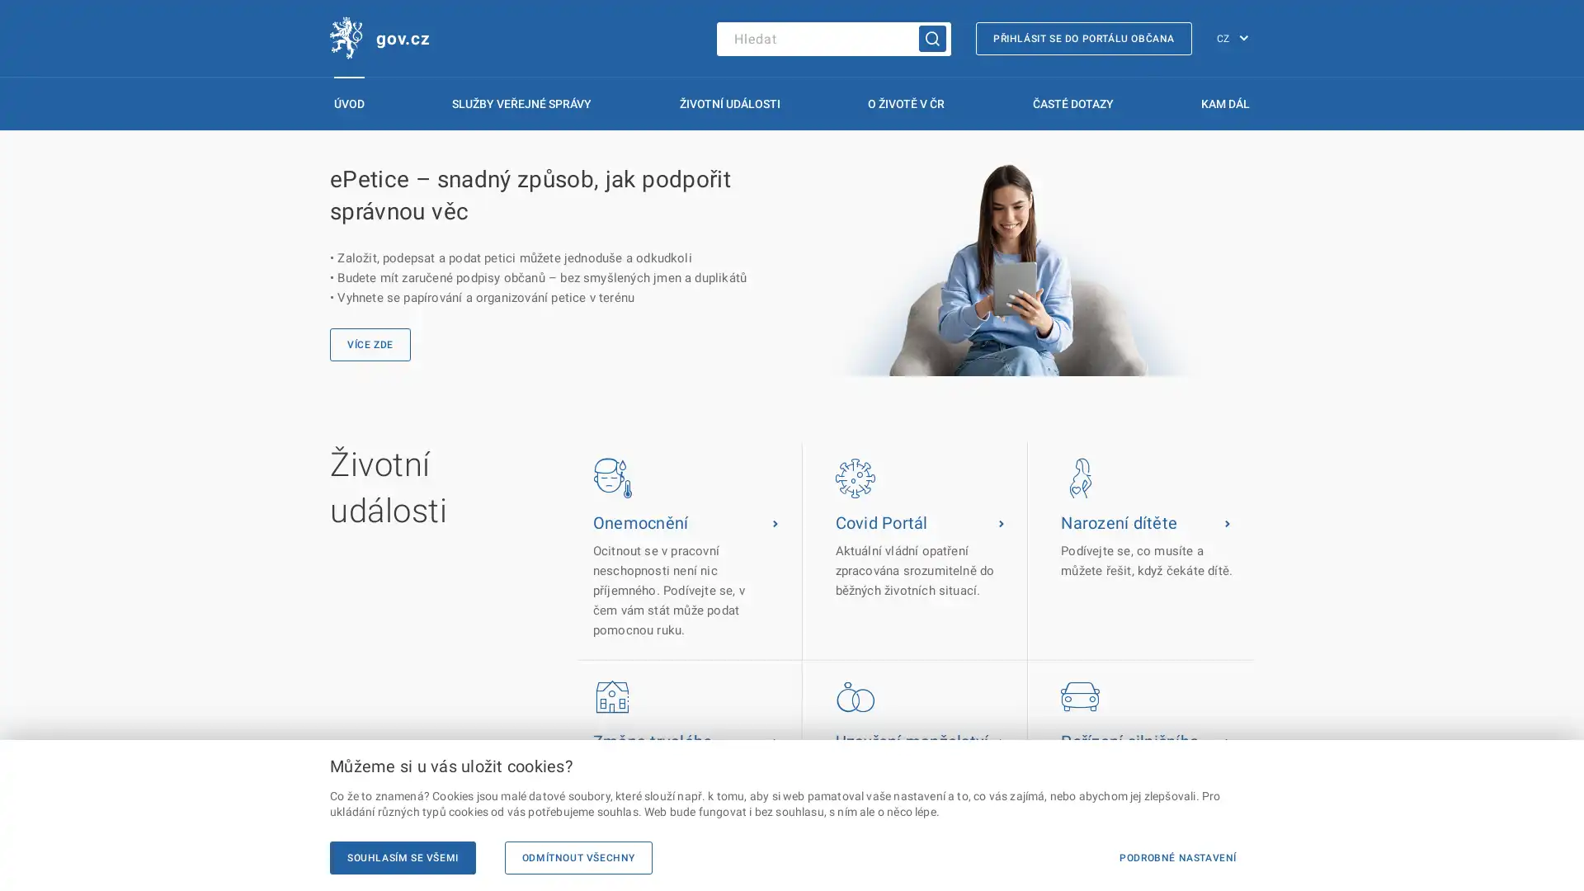  Describe the element at coordinates (1176, 857) in the screenshot. I see `PODROBNE NASTAVENI` at that location.